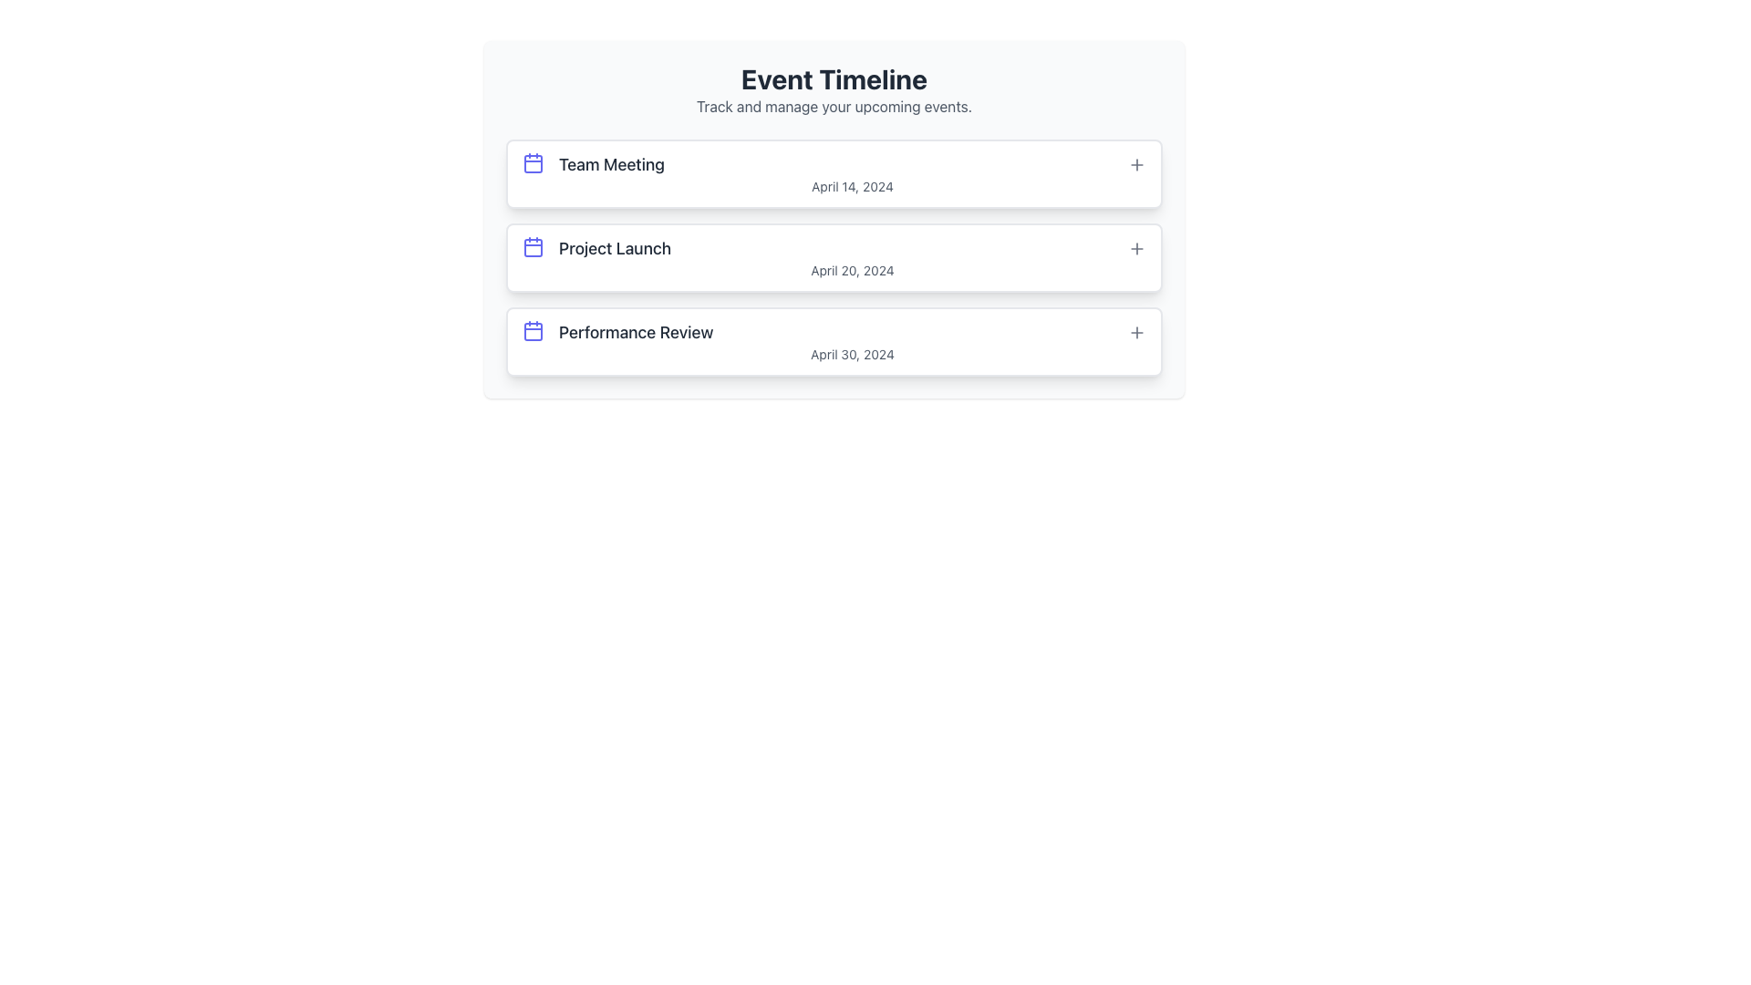  I want to click on the graphical shape within the first calendar icon, located to the left of the 'Team Meeting' label, so click(533, 164).